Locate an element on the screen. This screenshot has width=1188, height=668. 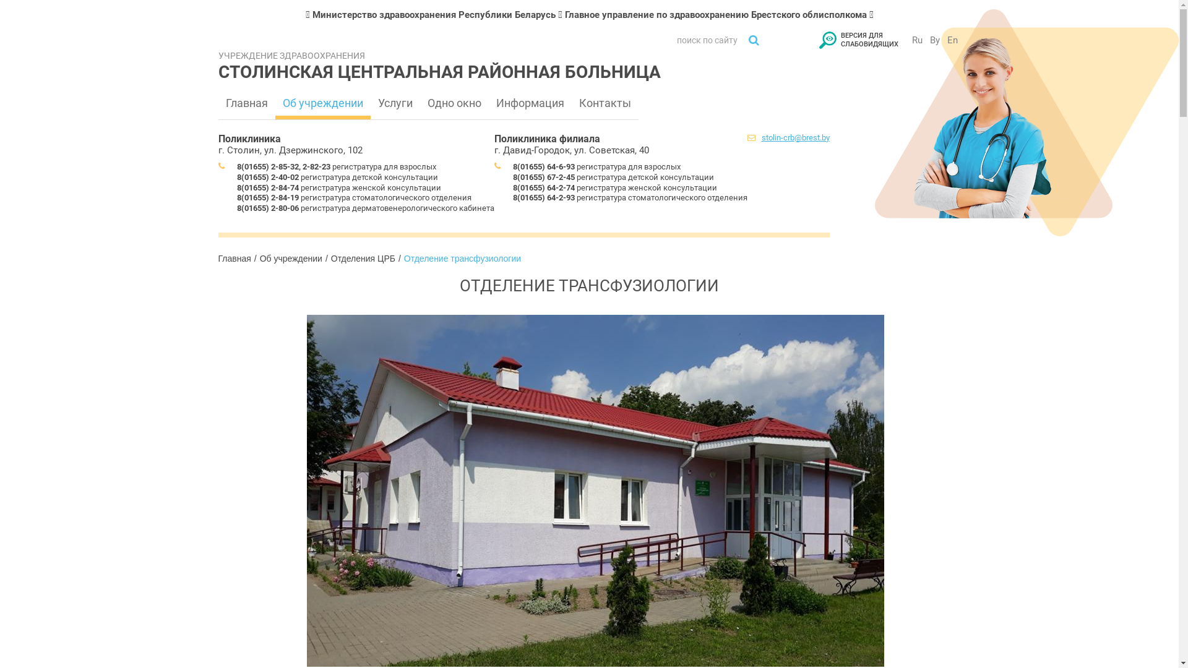
'En' is located at coordinates (952, 40).